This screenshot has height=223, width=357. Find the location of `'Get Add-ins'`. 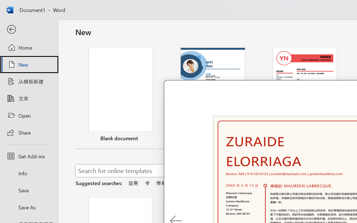

'Get Add-ins' is located at coordinates (29, 156).